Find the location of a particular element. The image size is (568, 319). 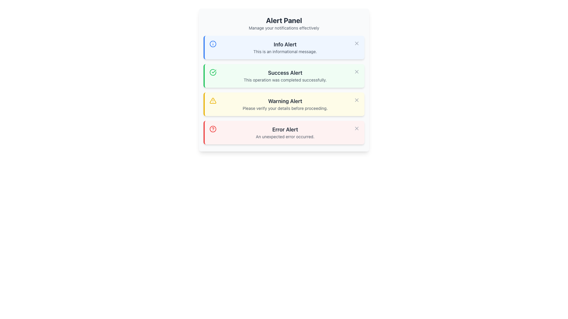

text of the bolded title label 'Alert Panel' displayed prominently at the top of the Alert Panel interface is located at coordinates (284, 20).